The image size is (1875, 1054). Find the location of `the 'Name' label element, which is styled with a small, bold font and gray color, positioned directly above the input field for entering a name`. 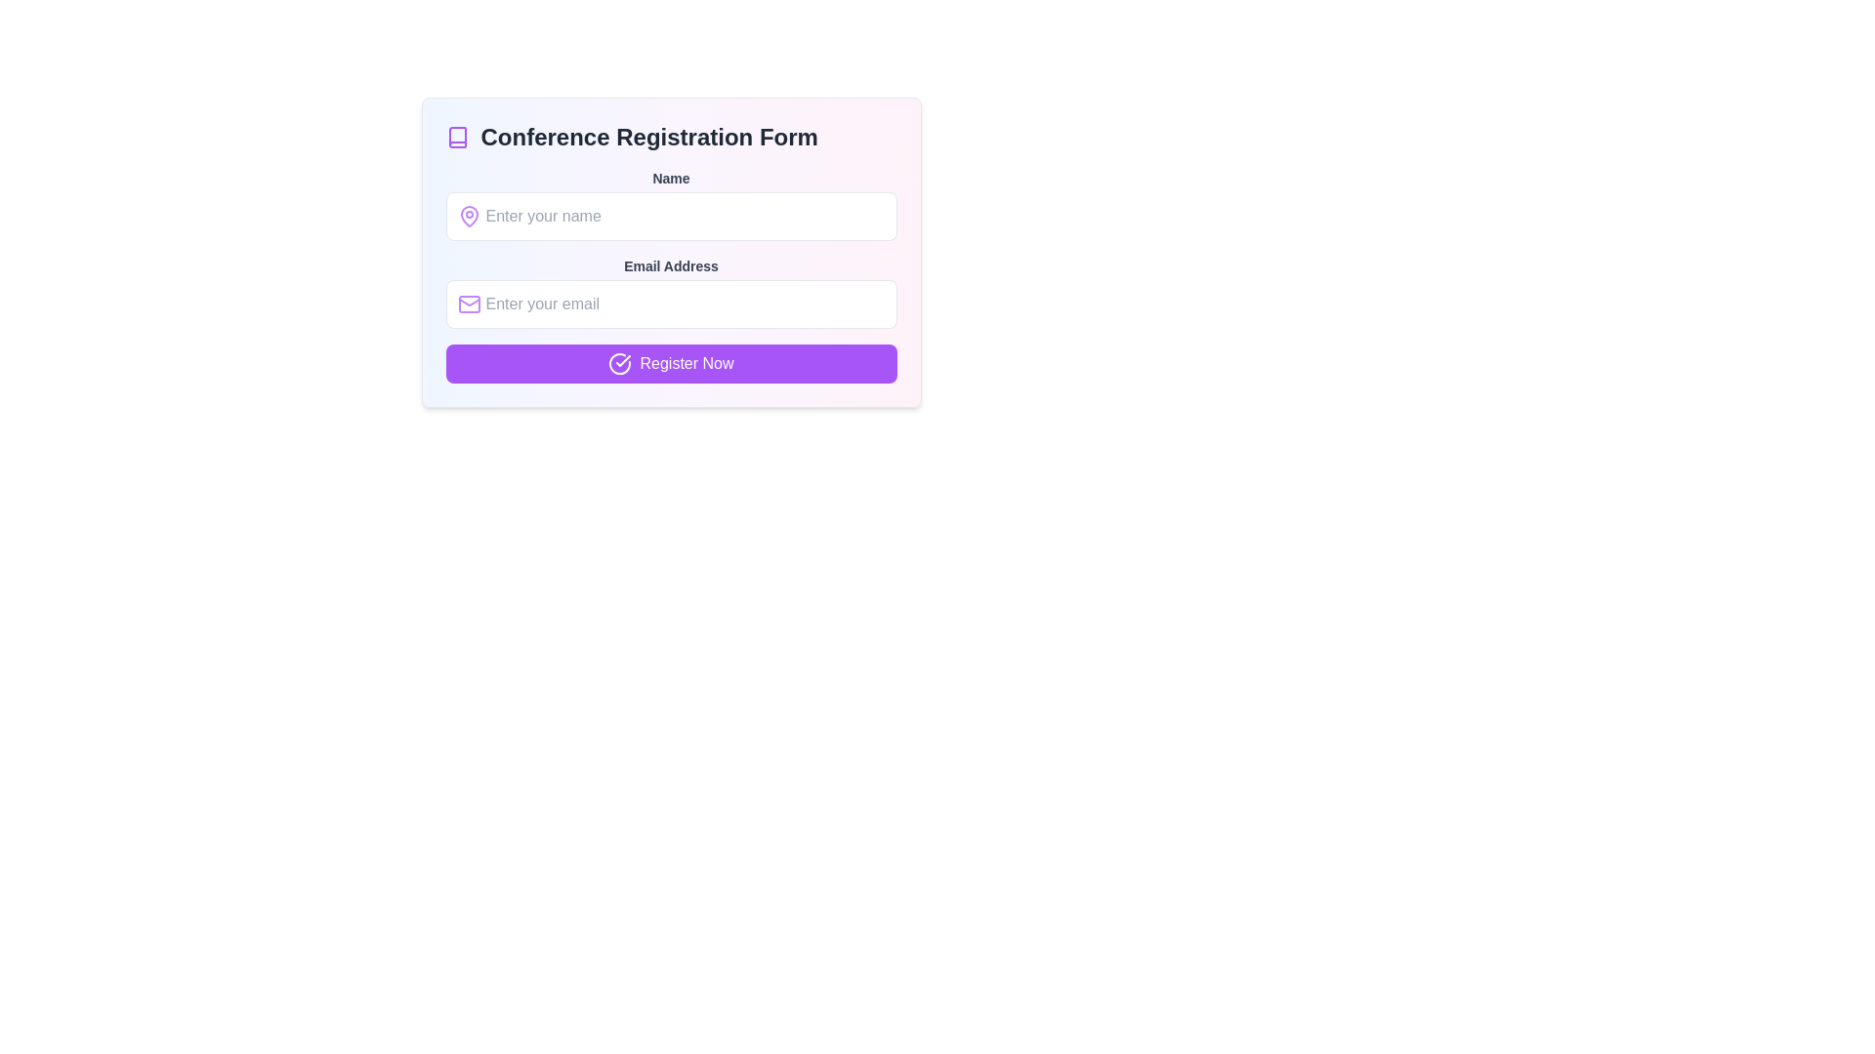

the 'Name' label element, which is styled with a small, bold font and gray color, positioned directly above the input field for entering a name is located at coordinates (671, 178).